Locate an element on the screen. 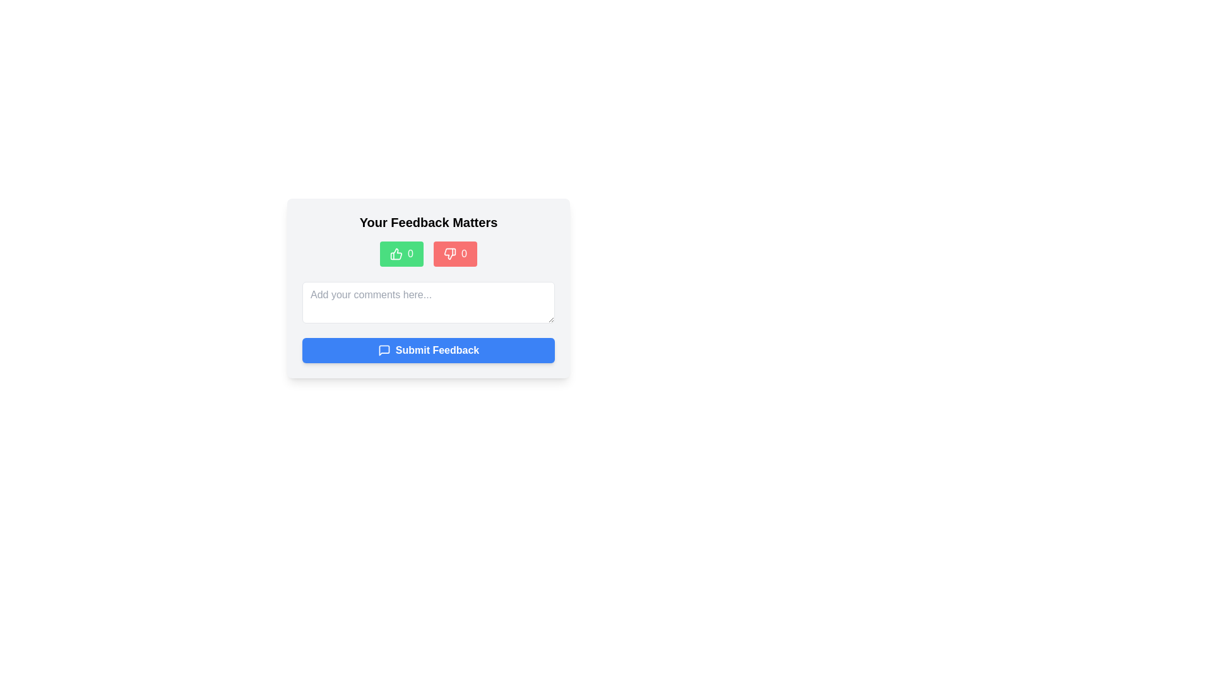  the green rectangular button with a thumbs-up icon and a numerical counter displaying '0' is located at coordinates (401, 253).